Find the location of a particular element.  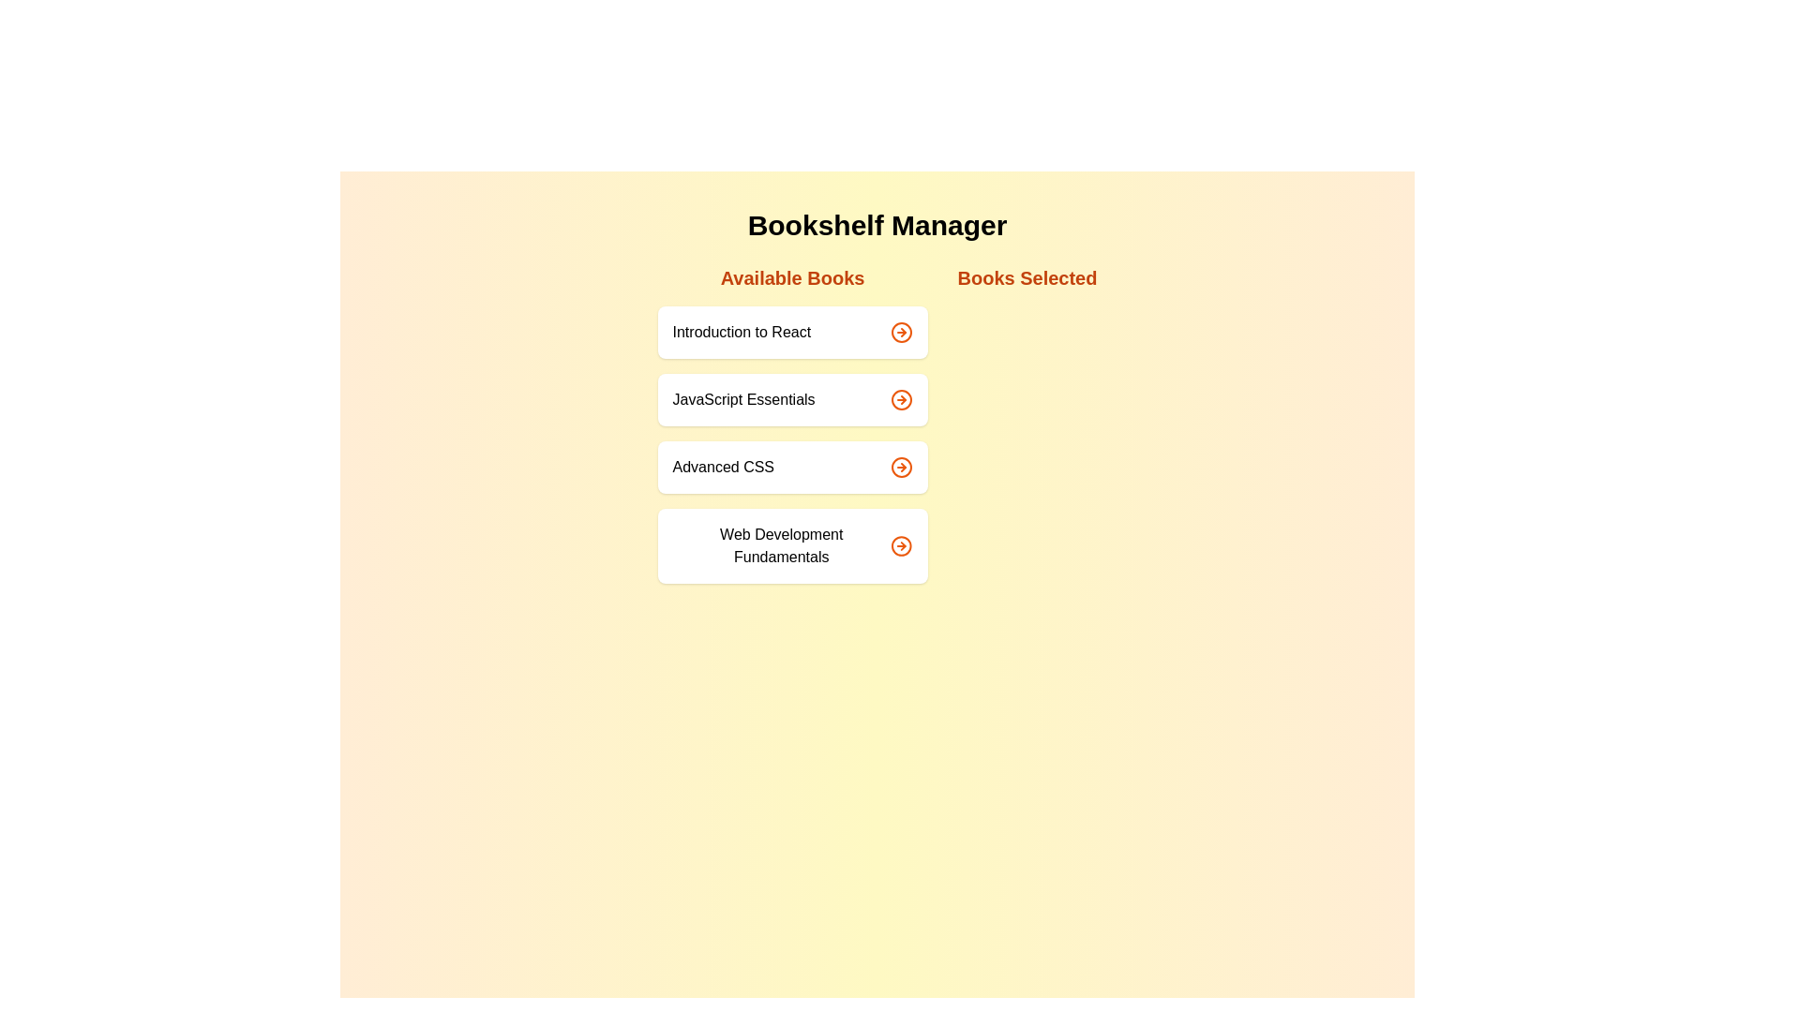

orange arrow next to the book 'Web Development Fundamentals' in the 'Available Books' list to move it to the 'Books Selected' list is located at coordinates (901, 545).